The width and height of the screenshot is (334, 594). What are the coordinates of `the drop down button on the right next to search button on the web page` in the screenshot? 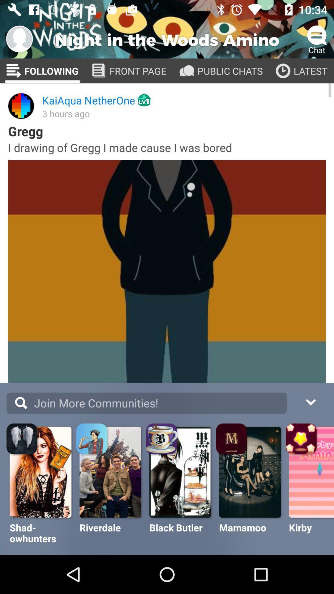 It's located at (310, 407).